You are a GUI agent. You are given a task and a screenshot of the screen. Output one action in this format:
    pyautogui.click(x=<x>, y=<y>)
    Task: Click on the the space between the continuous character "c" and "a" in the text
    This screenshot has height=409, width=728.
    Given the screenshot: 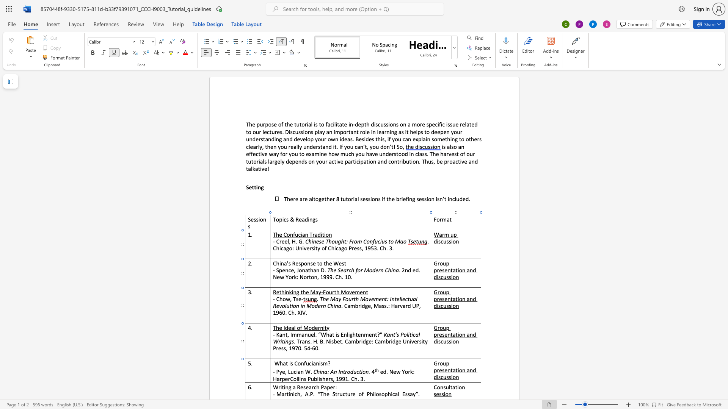 What is the action you would take?
    pyautogui.click(x=415, y=334)
    